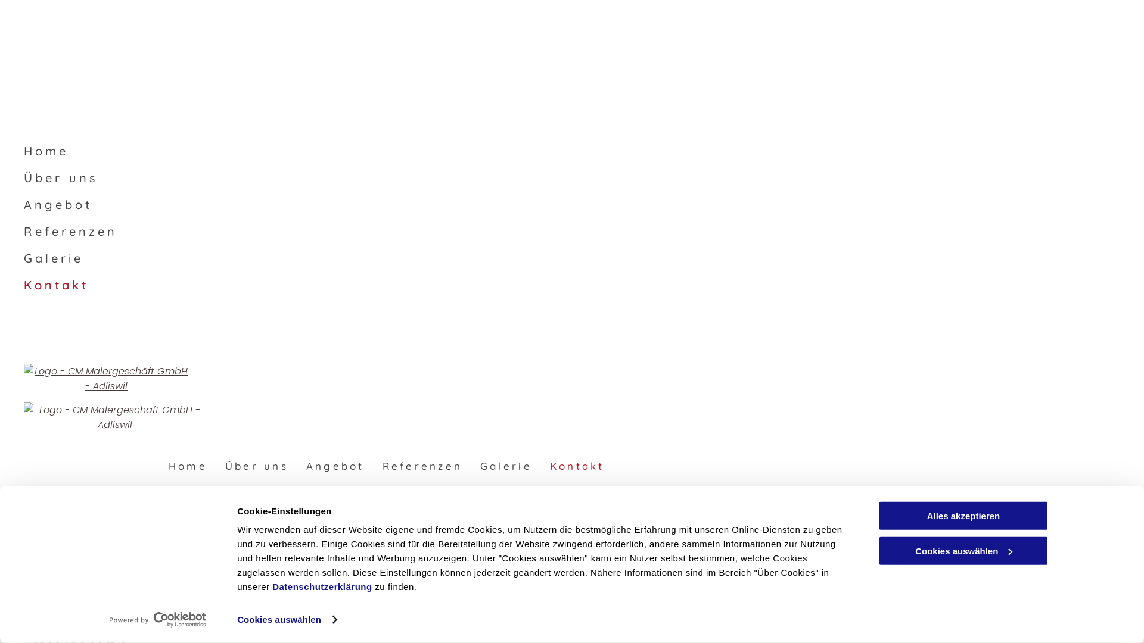  I want to click on 'Home', so click(187, 465).